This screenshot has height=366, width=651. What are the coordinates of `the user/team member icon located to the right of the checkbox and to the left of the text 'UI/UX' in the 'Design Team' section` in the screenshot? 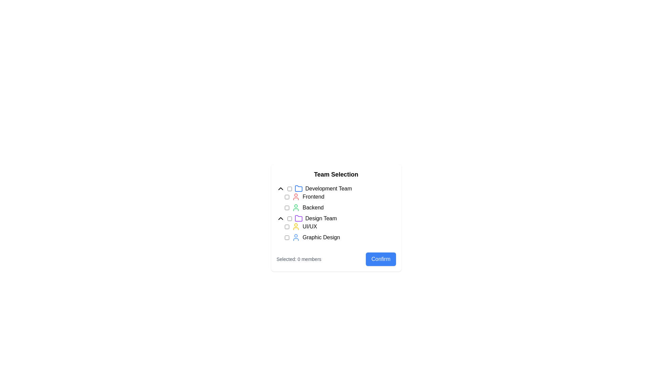 It's located at (296, 226).